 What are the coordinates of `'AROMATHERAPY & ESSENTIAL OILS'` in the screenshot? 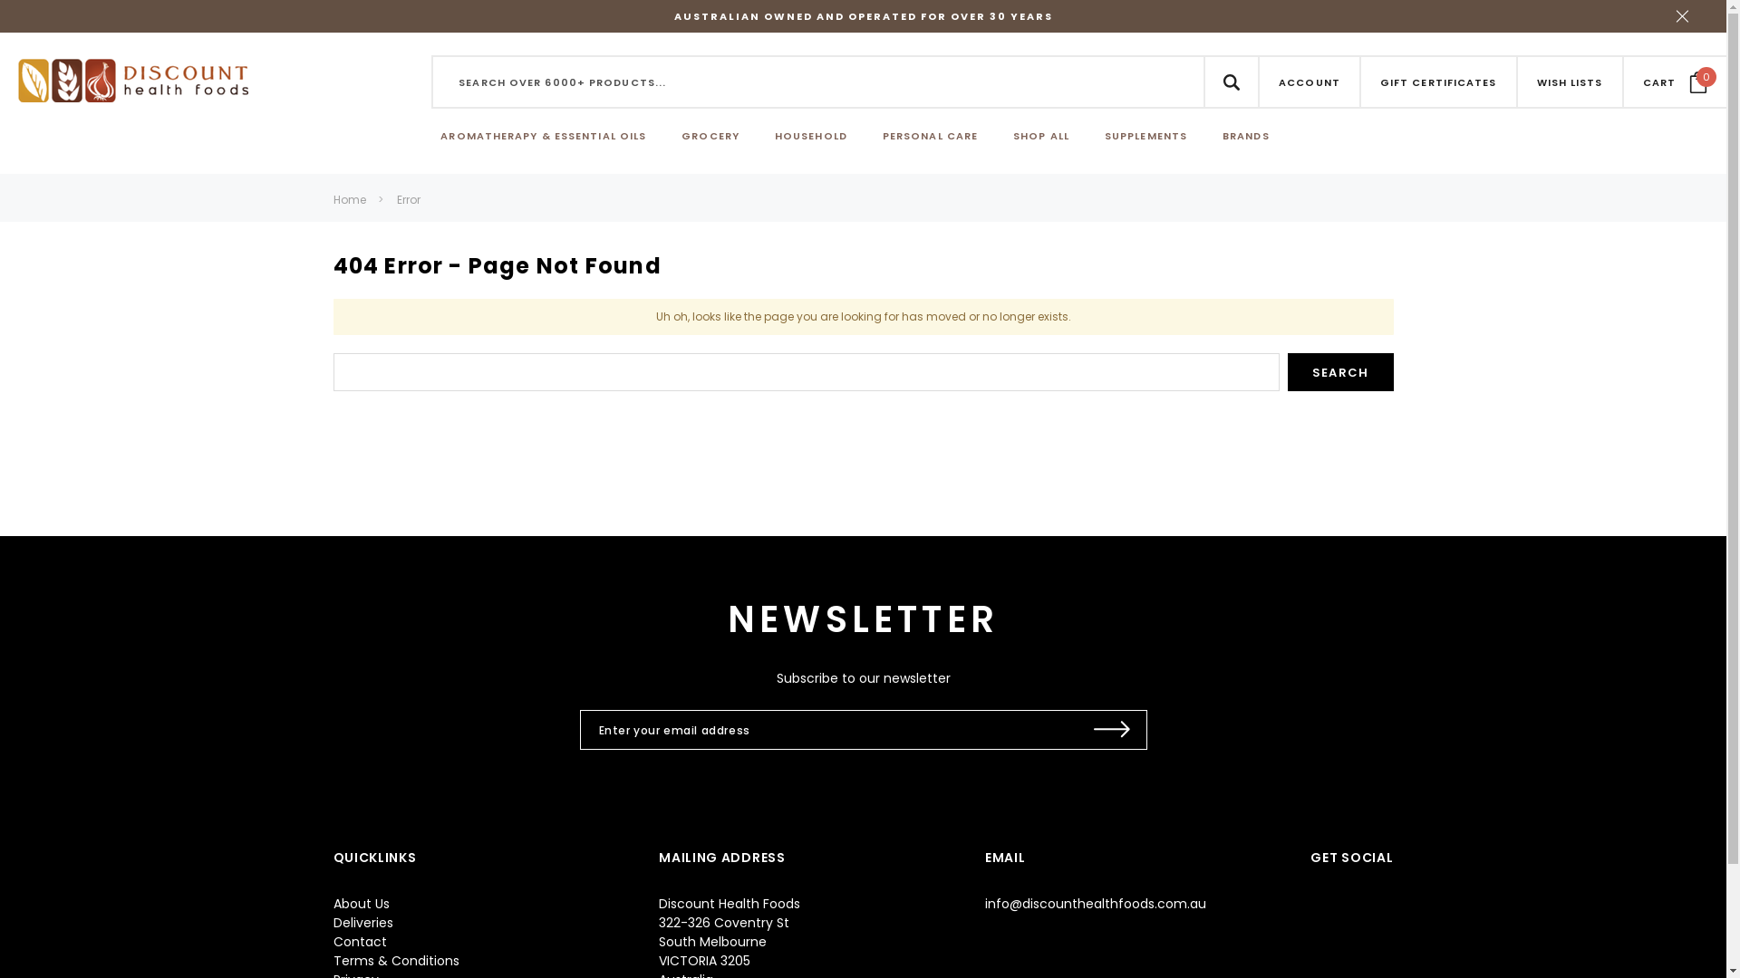 It's located at (542, 135).